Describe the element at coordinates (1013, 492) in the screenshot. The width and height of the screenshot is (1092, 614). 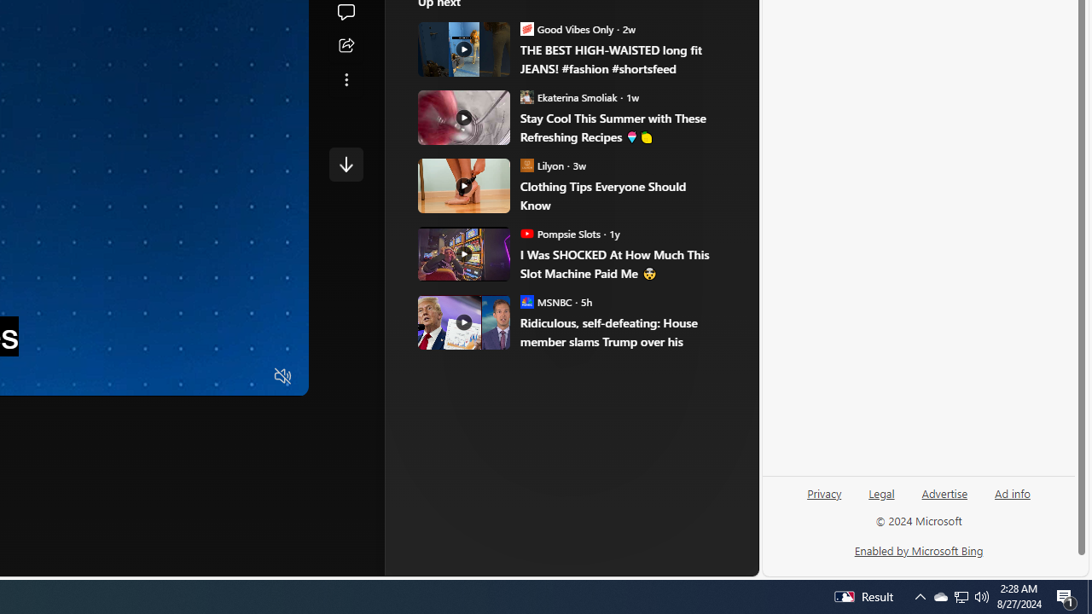
I see `'Ad info'` at that location.